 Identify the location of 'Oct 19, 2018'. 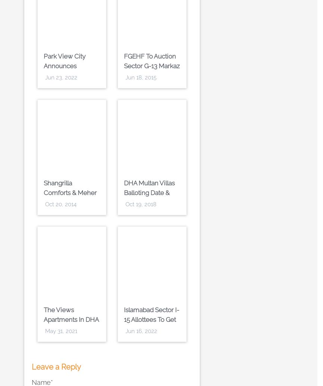
(141, 204).